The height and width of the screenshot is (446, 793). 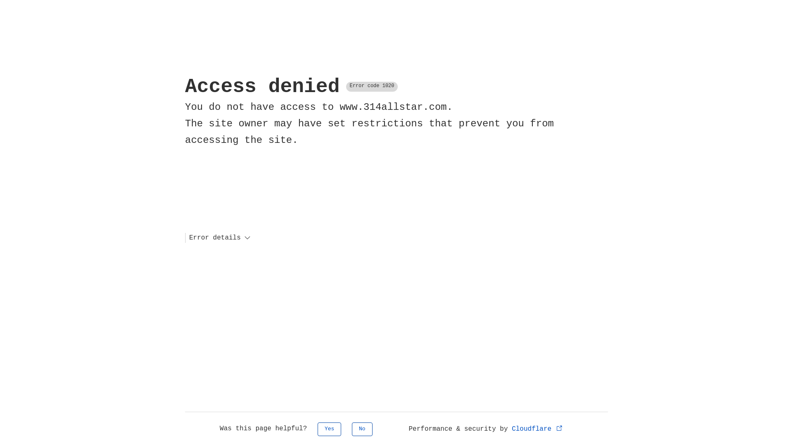 What do you see at coordinates (362, 429) in the screenshot?
I see `'No'` at bounding box center [362, 429].